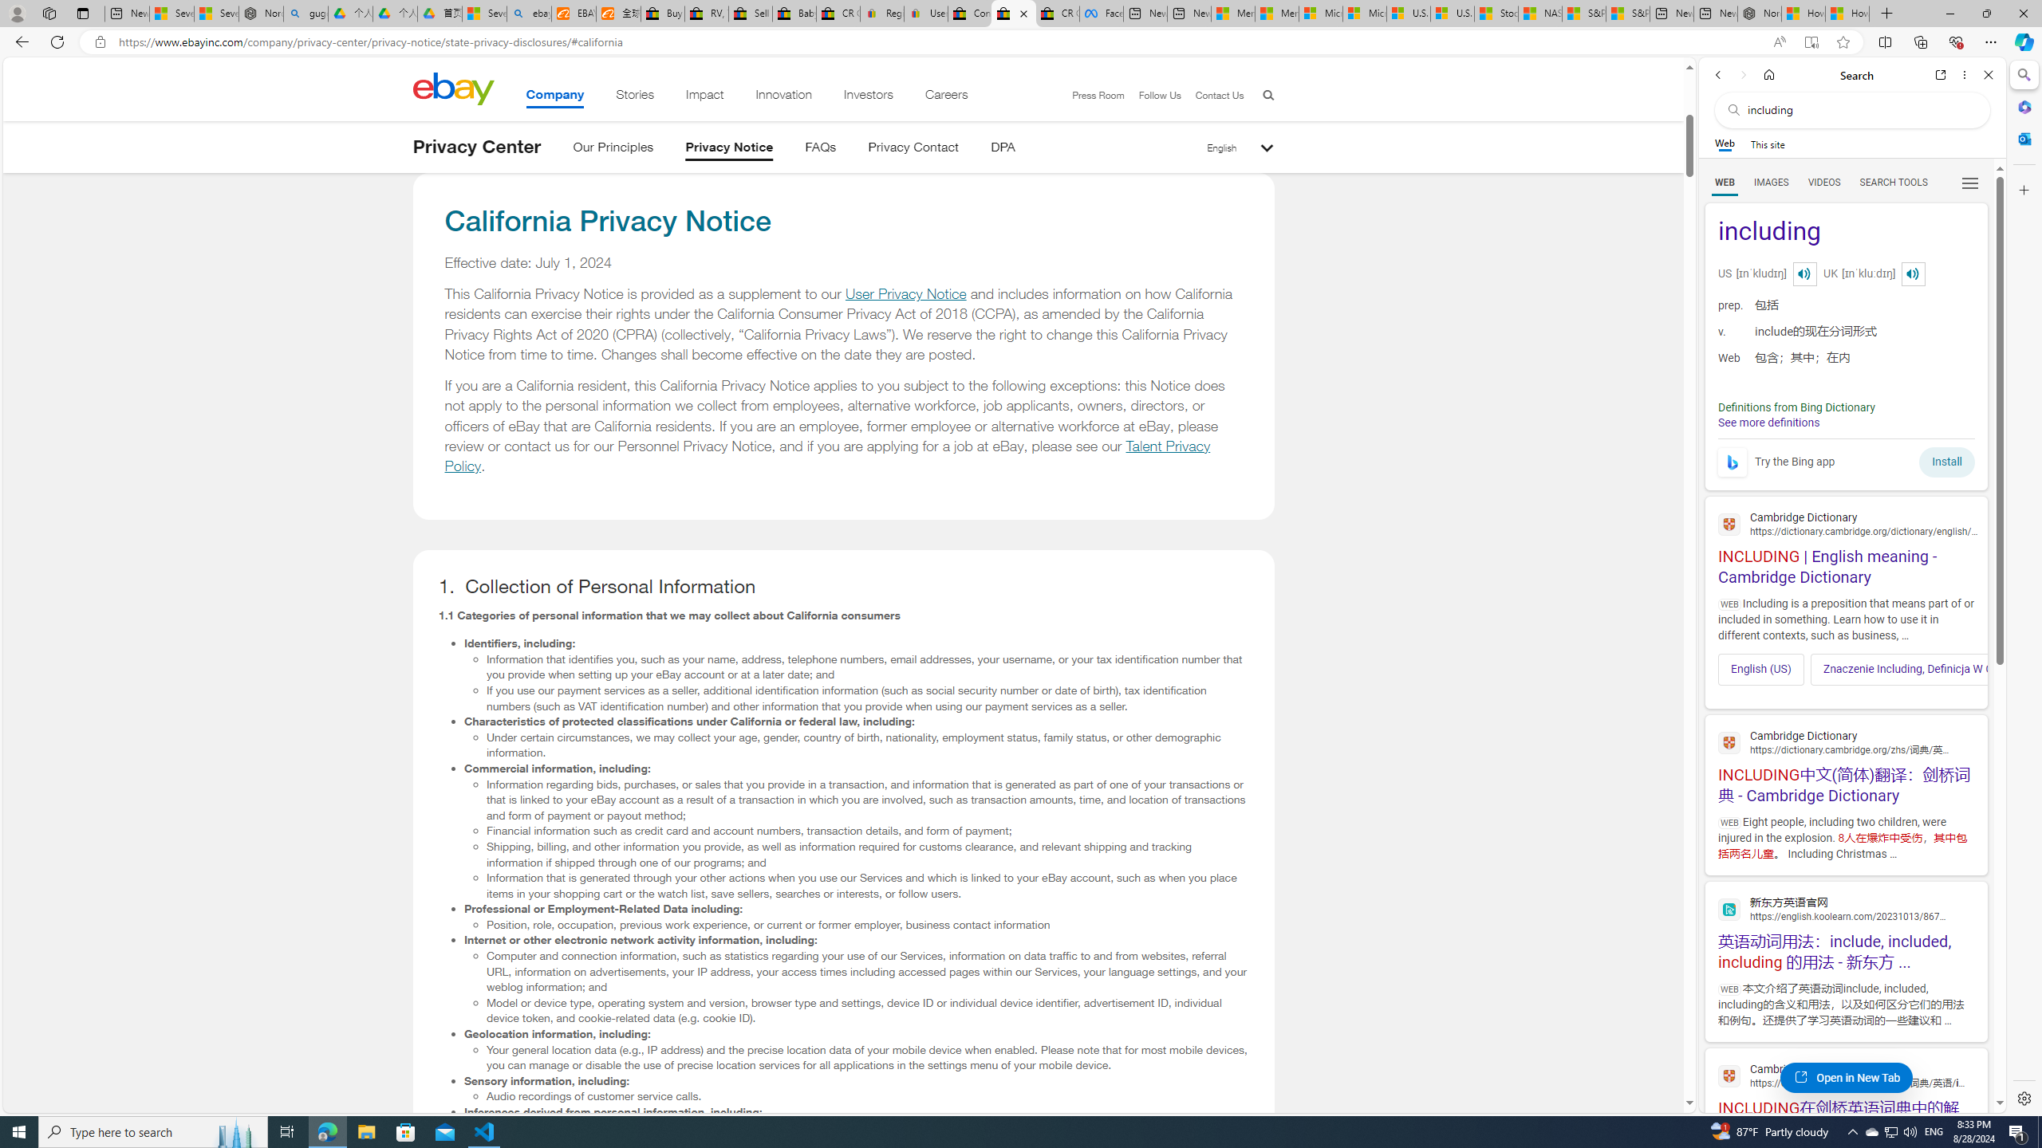  Describe the element at coordinates (1725, 181) in the screenshot. I see `'Search Filter, WEB'` at that location.